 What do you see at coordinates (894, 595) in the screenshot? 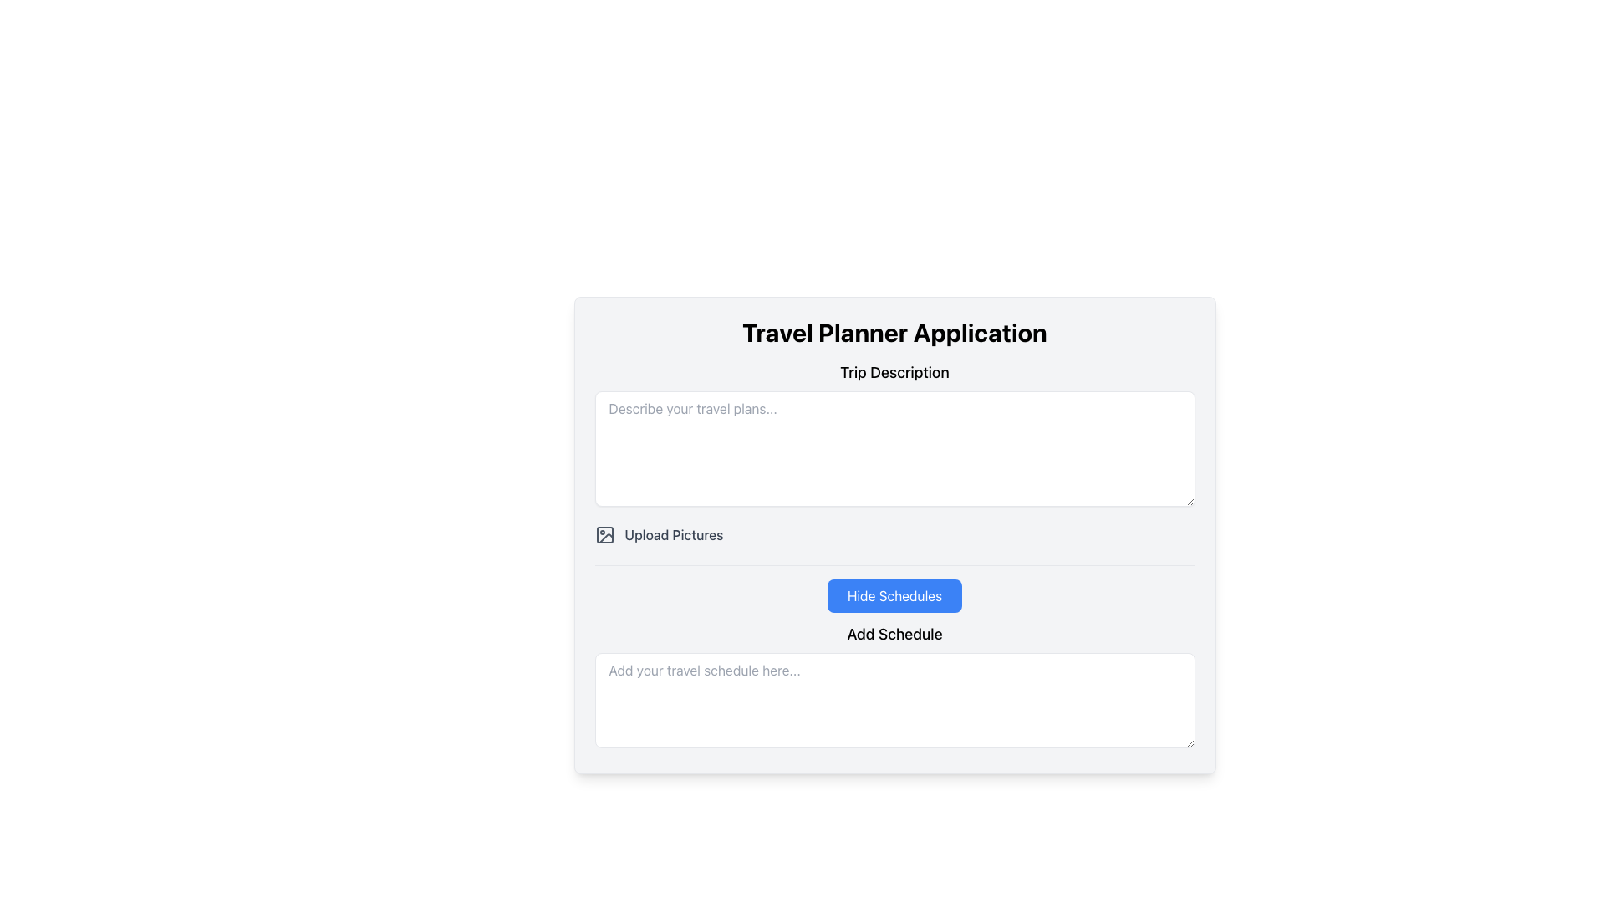
I see `the blue button with rounded corners labeled 'Hide Schedules' to trigger a visual response` at bounding box center [894, 595].